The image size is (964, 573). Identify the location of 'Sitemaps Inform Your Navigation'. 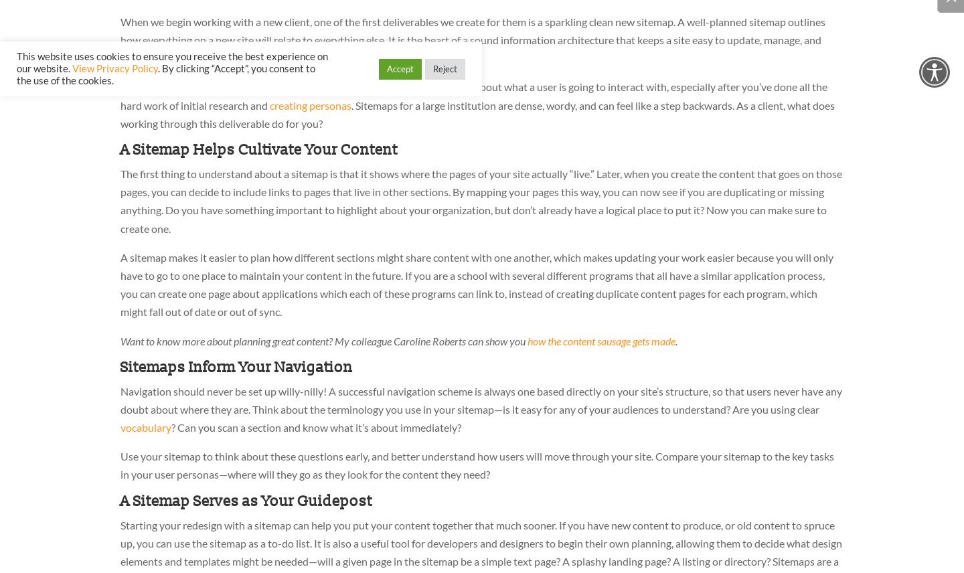
(236, 366).